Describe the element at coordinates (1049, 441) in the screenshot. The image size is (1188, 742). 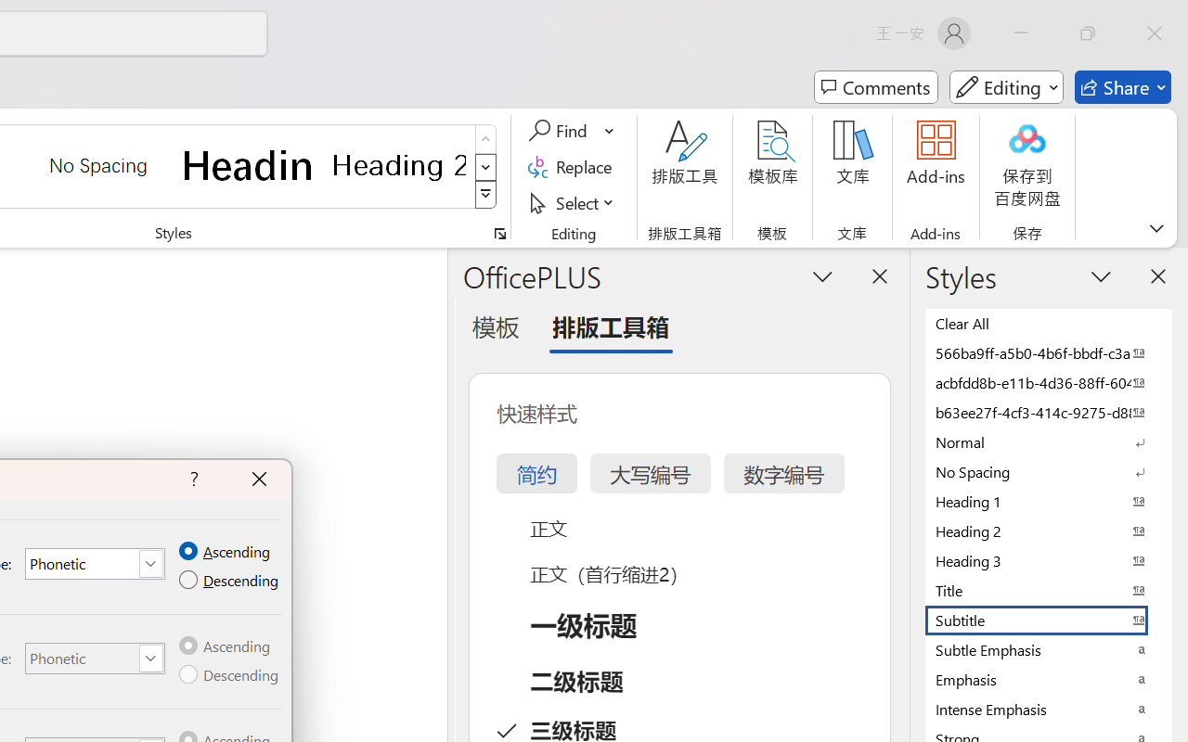
I see `'Normal'` at that location.